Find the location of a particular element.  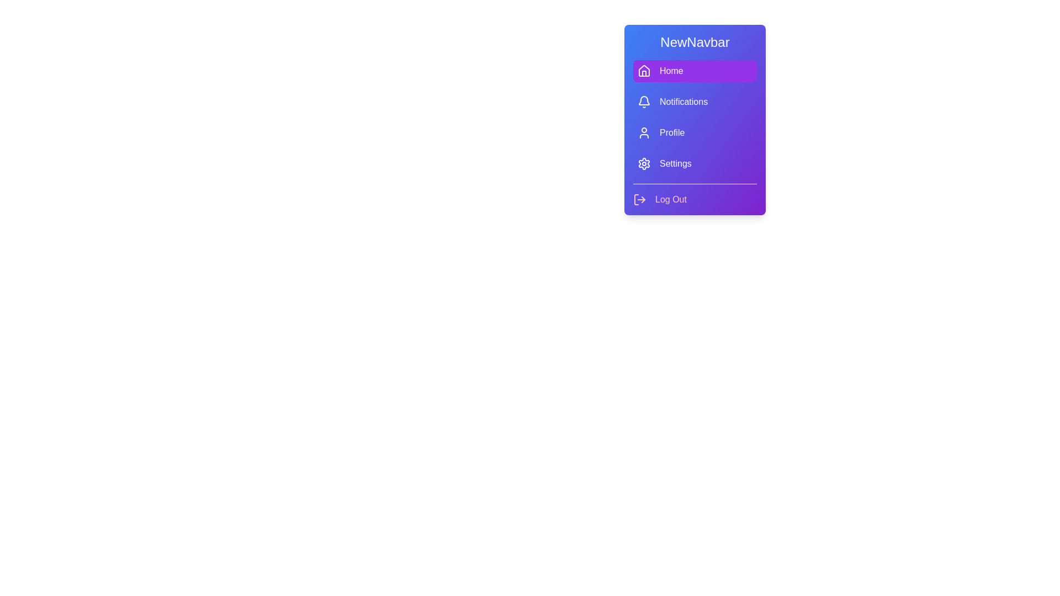

the button located in the sidebar that leads to the notifications section is located at coordinates (694, 102).